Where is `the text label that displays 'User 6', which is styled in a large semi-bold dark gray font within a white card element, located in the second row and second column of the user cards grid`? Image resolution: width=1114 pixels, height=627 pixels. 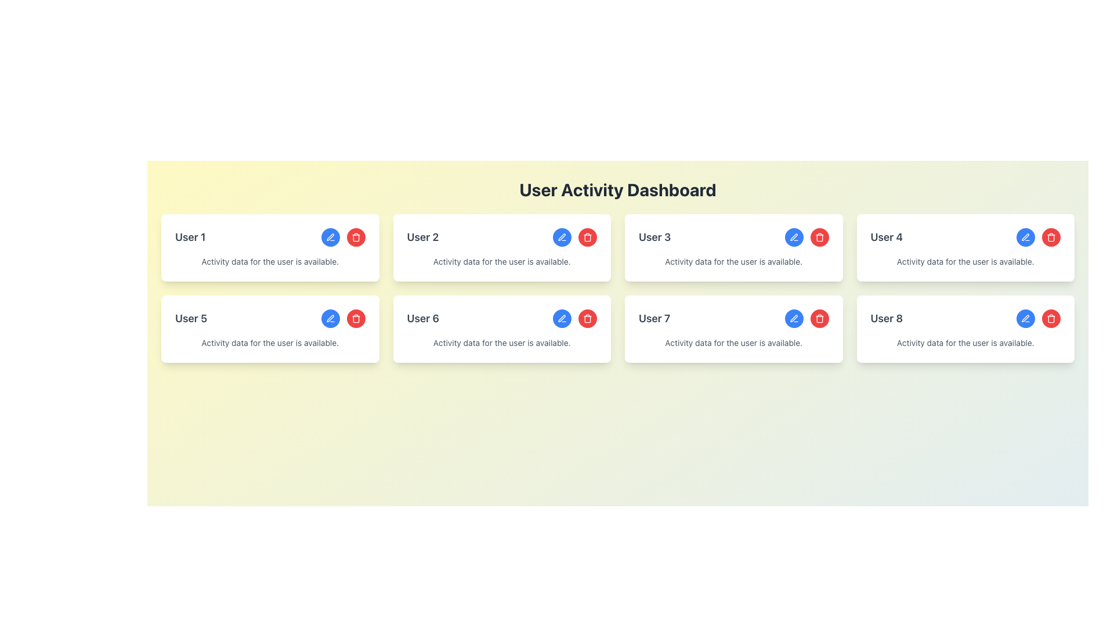 the text label that displays 'User 6', which is styled in a large semi-bold dark gray font within a white card element, located in the second row and second column of the user cards grid is located at coordinates (422, 318).